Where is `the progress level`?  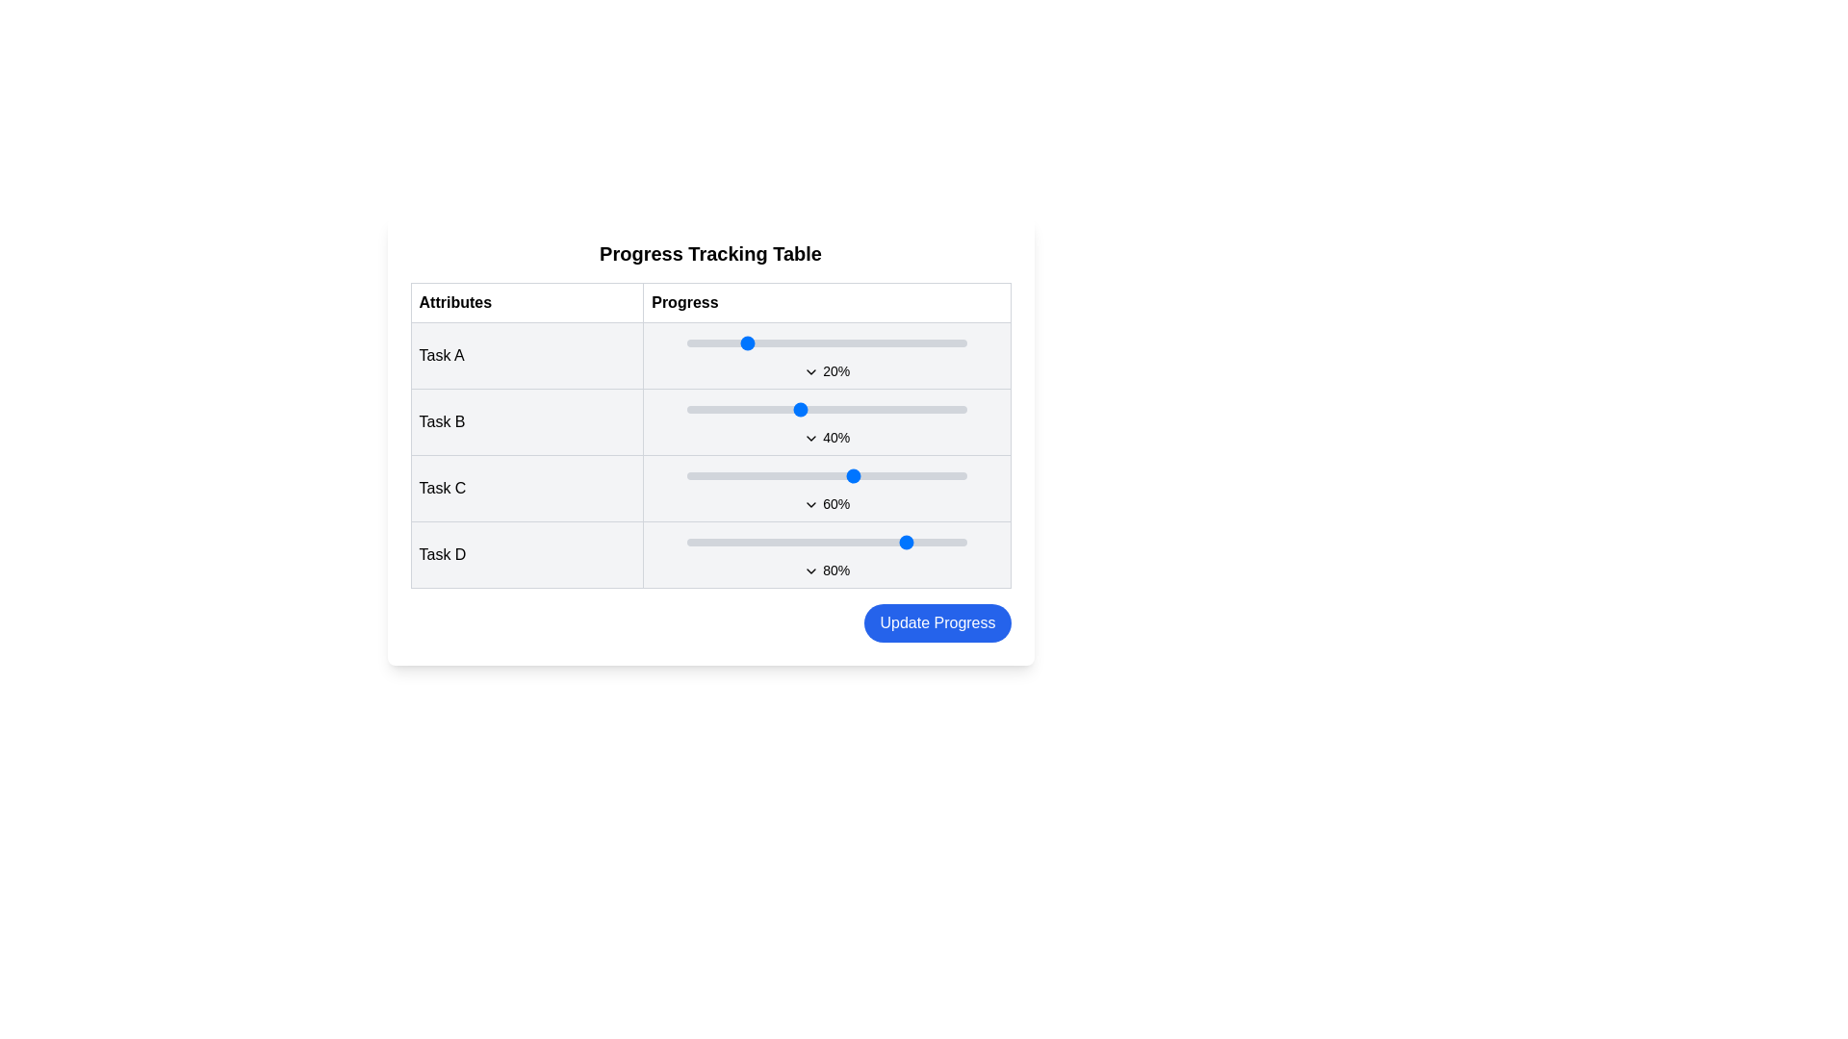
the progress level is located at coordinates (722, 475).